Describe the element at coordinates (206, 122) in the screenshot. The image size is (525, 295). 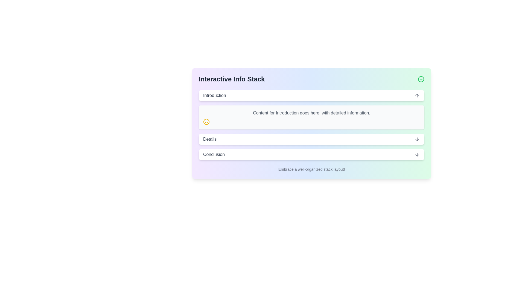
I see `the decorative icon resembling a smiling face, which is a circular shape with a yellow border and white fill, located in the 'Introduction' block` at that location.